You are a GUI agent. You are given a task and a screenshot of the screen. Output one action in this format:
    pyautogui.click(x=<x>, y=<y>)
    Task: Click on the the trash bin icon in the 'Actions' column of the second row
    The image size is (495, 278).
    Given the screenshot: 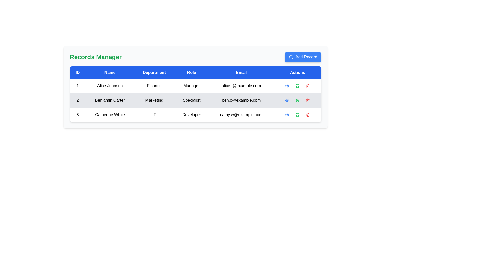 What is the action you would take?
    pyautogui.click(x=308, y=100)
    